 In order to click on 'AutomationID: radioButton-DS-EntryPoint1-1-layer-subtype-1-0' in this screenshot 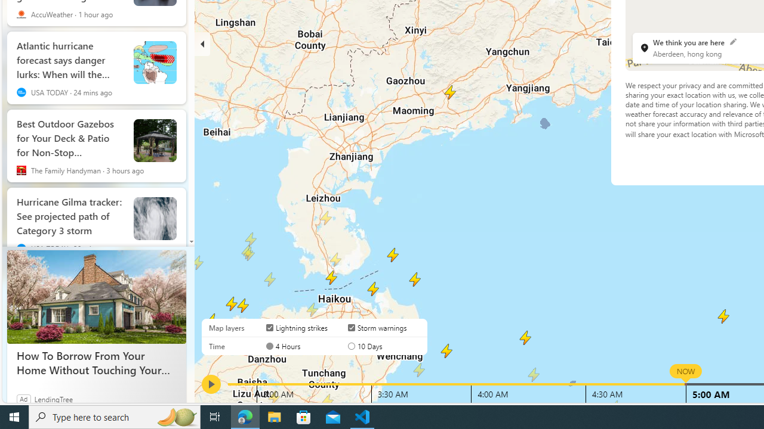, I will do `click(269, 346)`.